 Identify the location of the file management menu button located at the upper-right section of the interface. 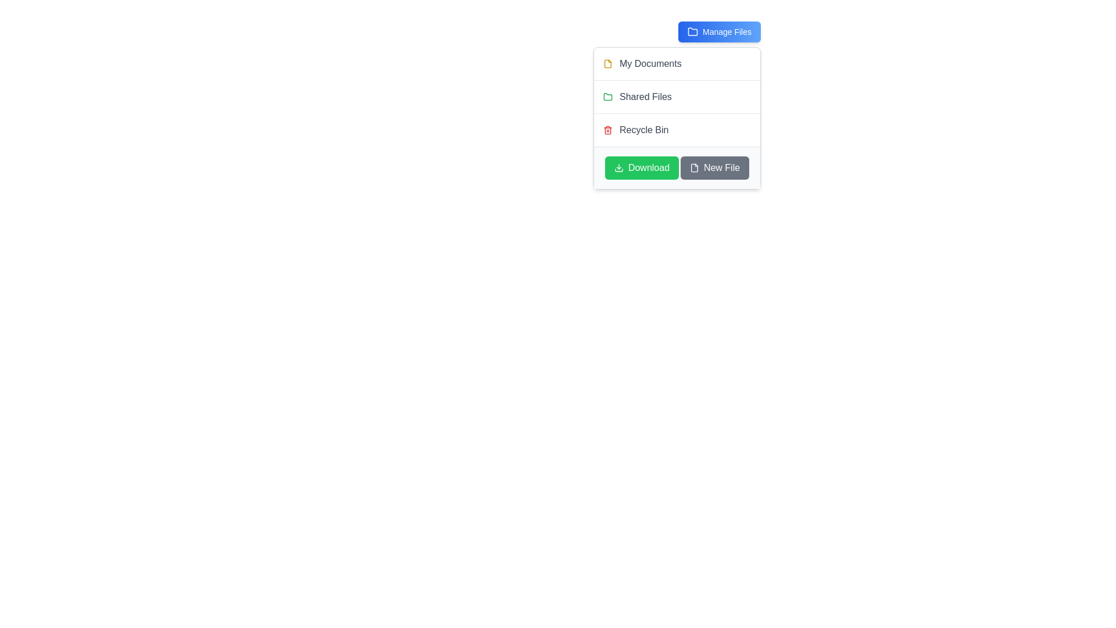
(719, 31).